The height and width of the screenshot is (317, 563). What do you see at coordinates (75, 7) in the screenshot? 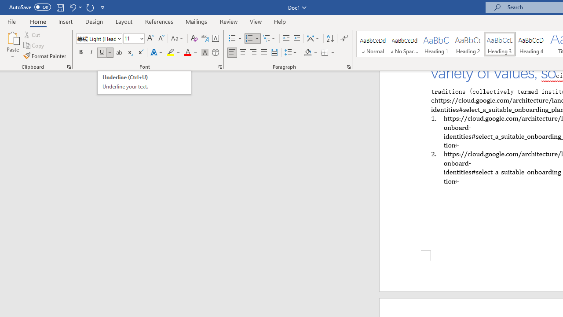
I see `'Undo Paragraph Alignment'` at bounding box center [75, 7].